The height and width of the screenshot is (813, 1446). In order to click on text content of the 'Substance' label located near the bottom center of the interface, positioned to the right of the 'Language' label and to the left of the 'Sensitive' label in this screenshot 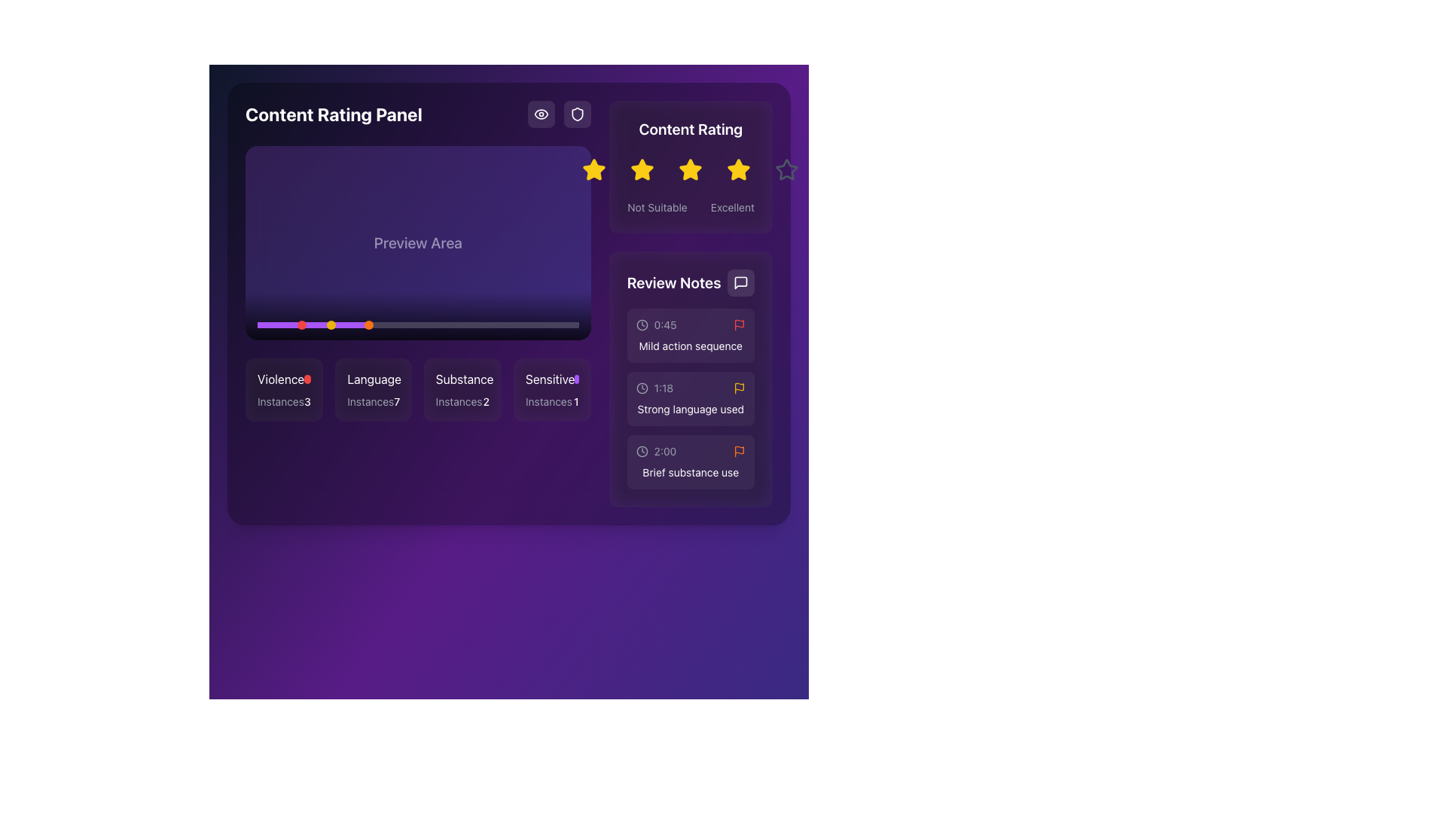, I will do `click(464, 378)`.